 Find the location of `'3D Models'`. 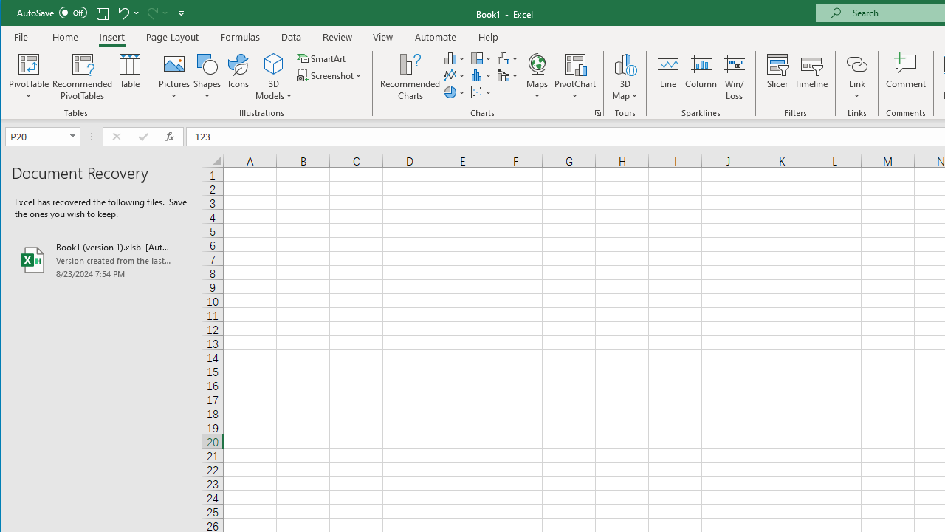

'3D Models' is located at coordinates (274, 77).